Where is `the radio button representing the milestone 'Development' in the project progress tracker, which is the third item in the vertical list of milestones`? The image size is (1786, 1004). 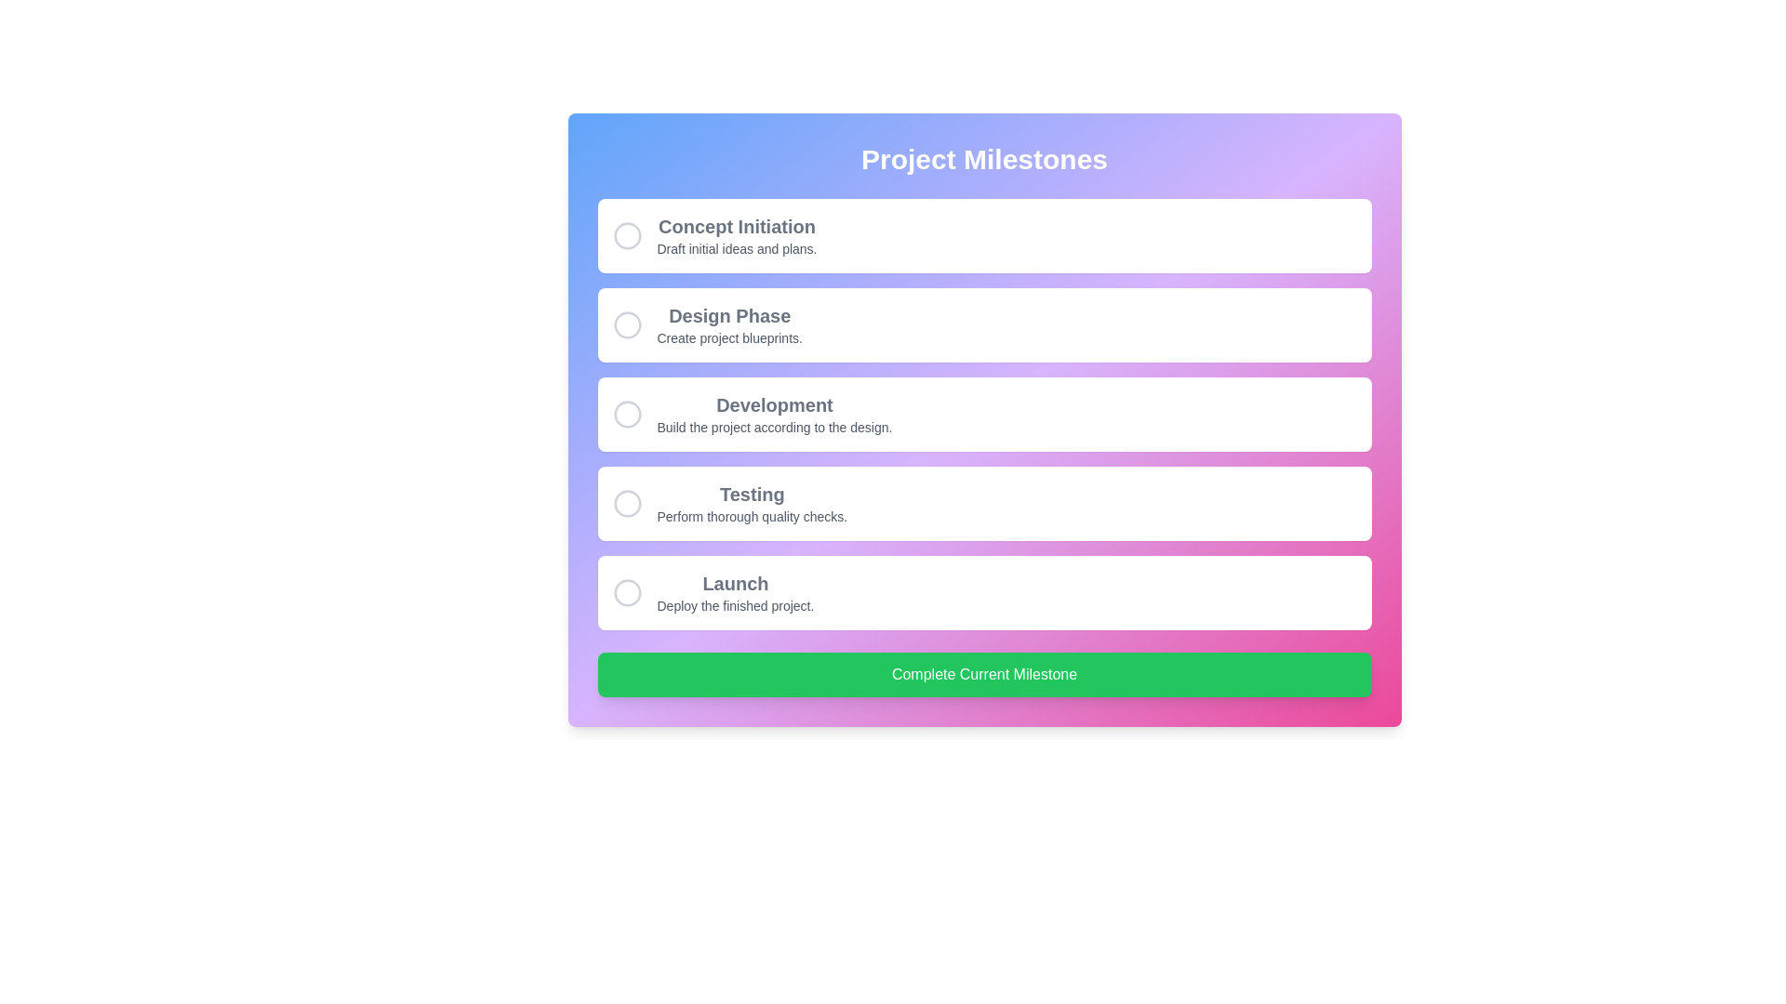 the radio button representing the milestone 'Development' in the project progress tracker, which is the third item in the vertical list of milestones is located at coordinates (627, 414).